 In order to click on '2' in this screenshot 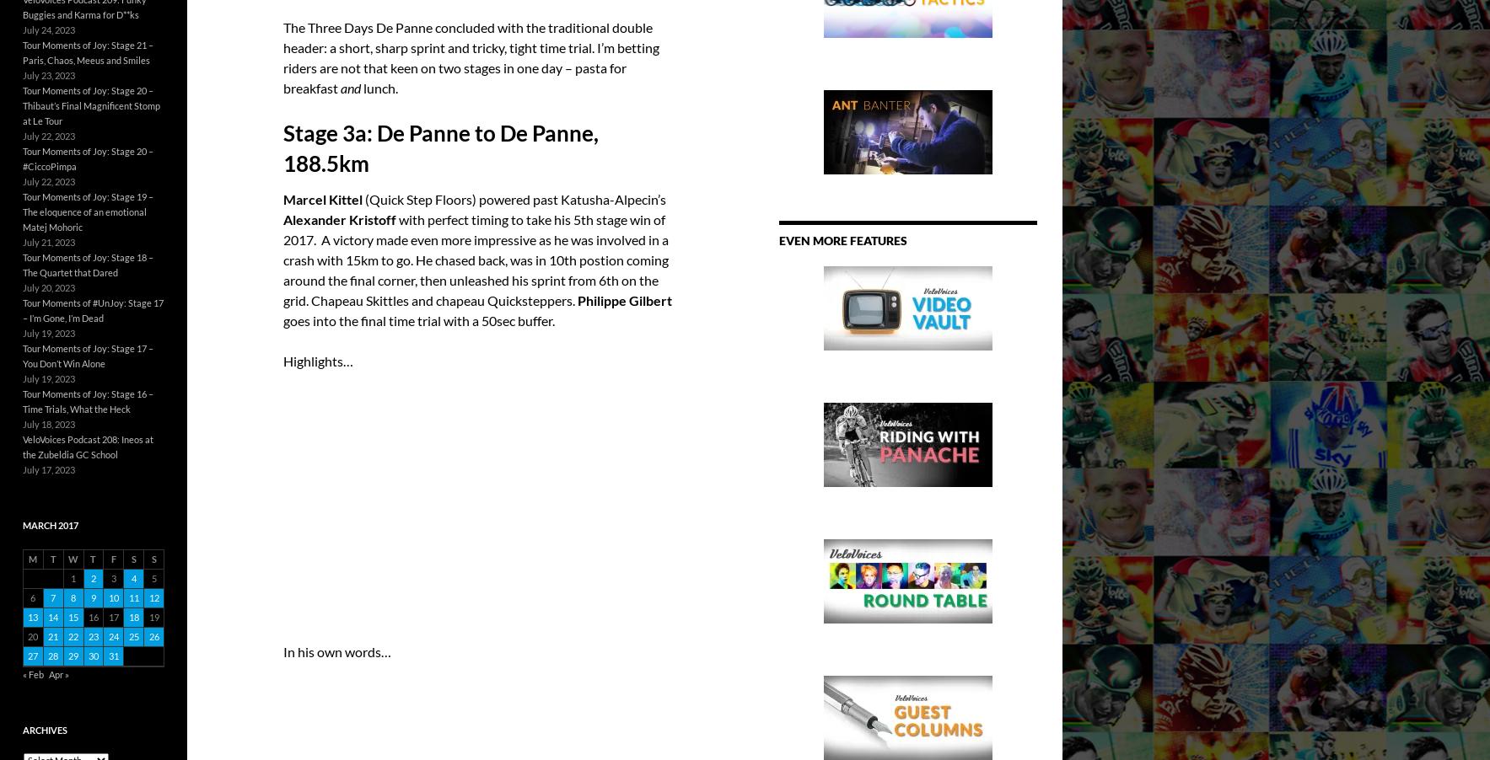, I will do `click(92, 577)`.